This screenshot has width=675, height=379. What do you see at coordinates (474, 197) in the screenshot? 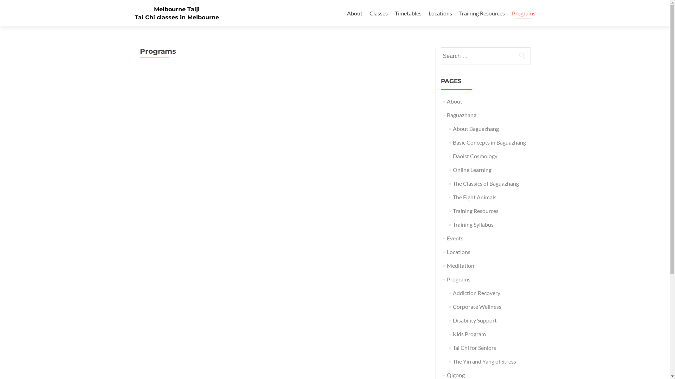
I see `'The Eight Animals'` at bounding box center [474, 197].